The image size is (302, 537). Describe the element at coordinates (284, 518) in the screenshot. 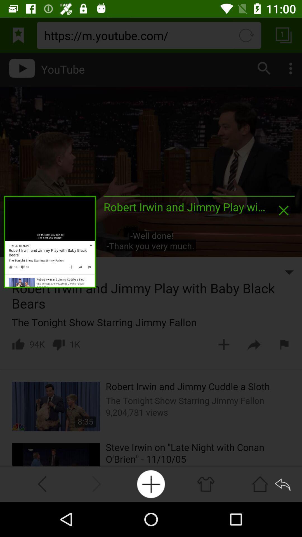

I see `the reply icon` at that location.